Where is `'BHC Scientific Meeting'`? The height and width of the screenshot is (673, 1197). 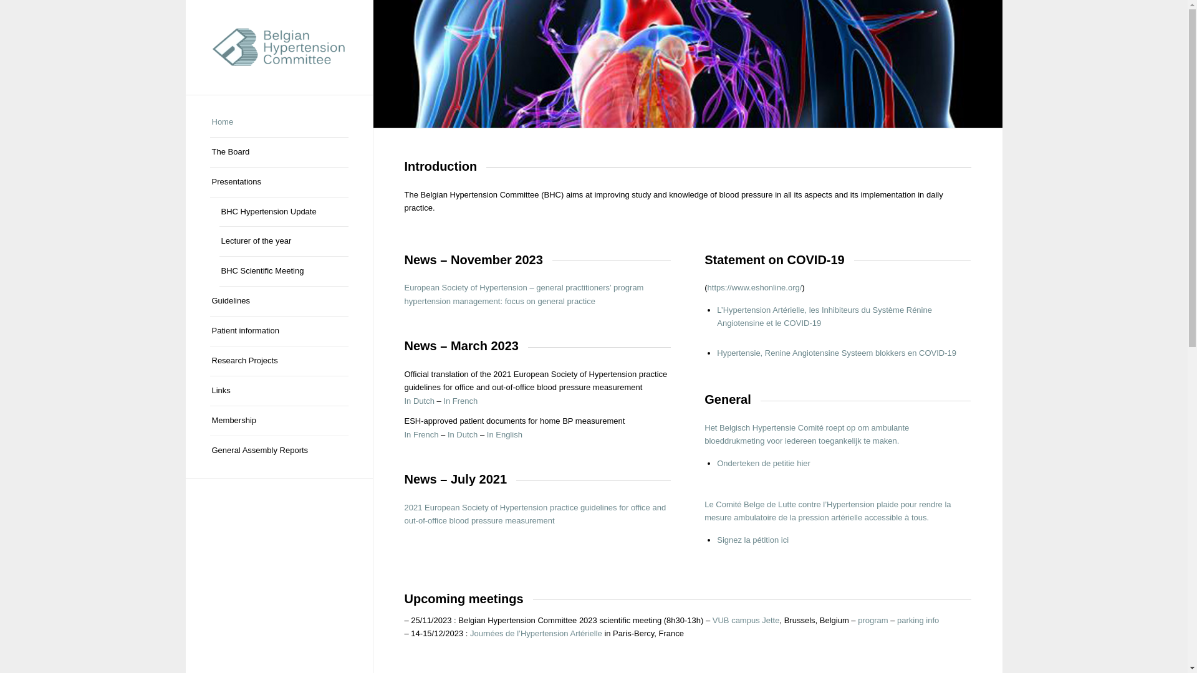
'BHC Scientific Meeting' is located at coordinates (283, 270).